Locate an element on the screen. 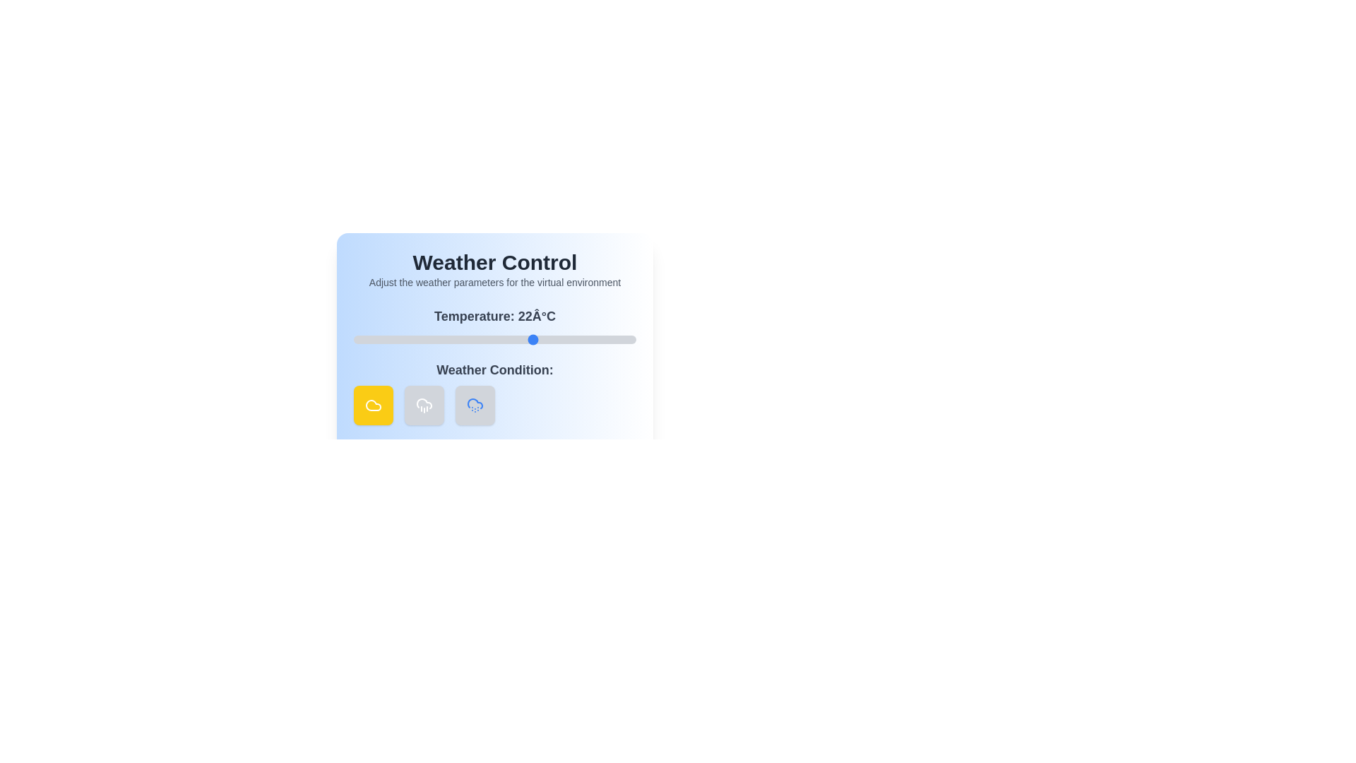 Image resolution: width=1356 pixels, height=763 pixels. the temperature slider to 26 degrees is located at coordinates (556, 340).